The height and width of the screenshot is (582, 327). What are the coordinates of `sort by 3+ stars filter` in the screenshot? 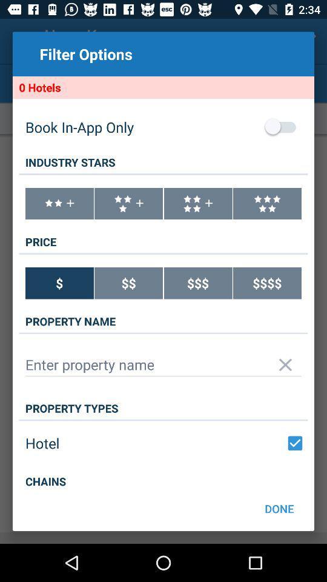 It's located at (128, 204).